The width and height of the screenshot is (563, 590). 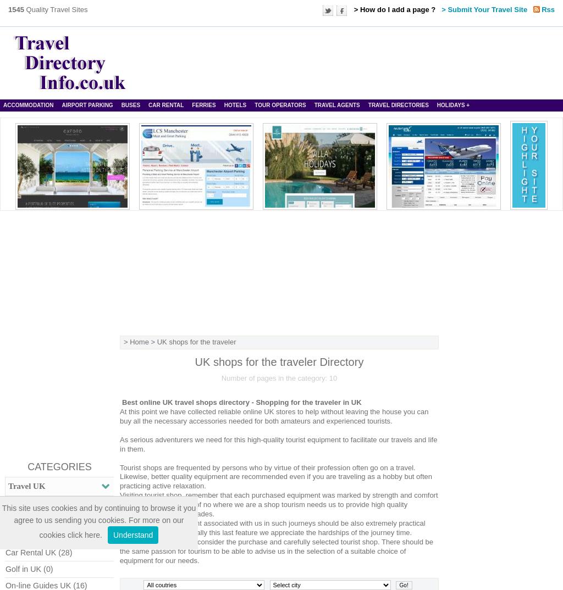 I want to click on '> Submit Your Travel Site', so click(x=484, y=9).